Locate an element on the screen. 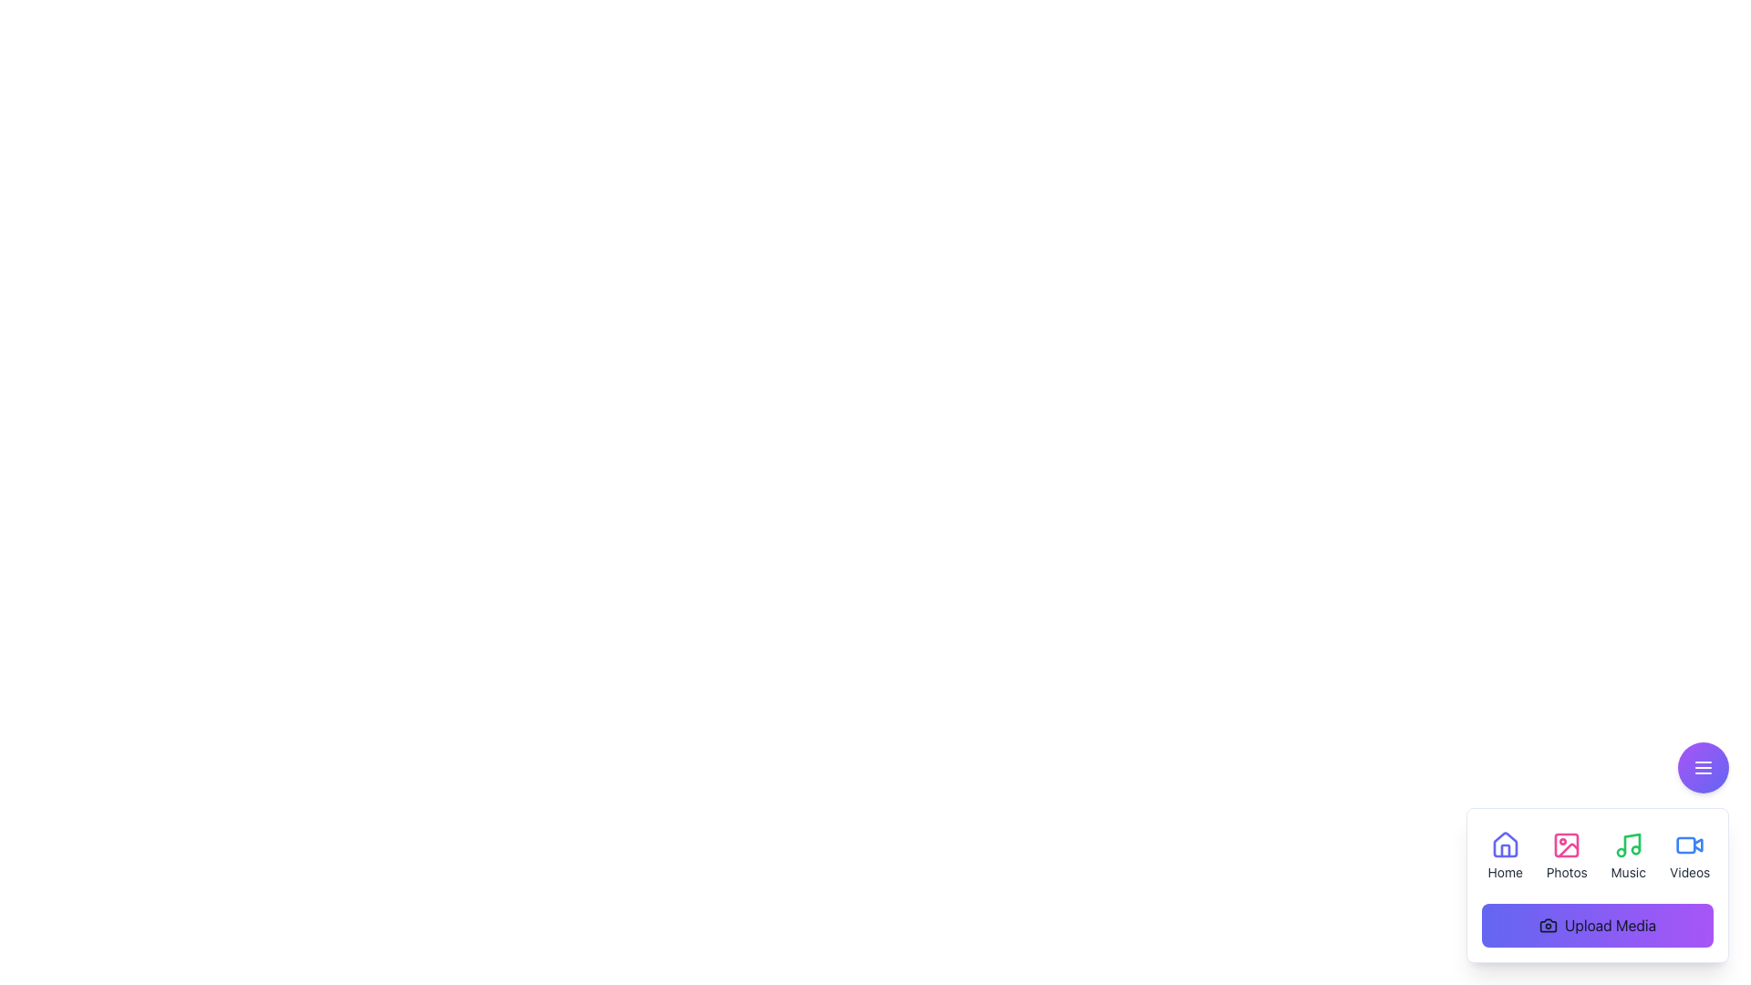  the green music-note icon located in the bottom-right toolbar is located at coordinates (1628, 845).